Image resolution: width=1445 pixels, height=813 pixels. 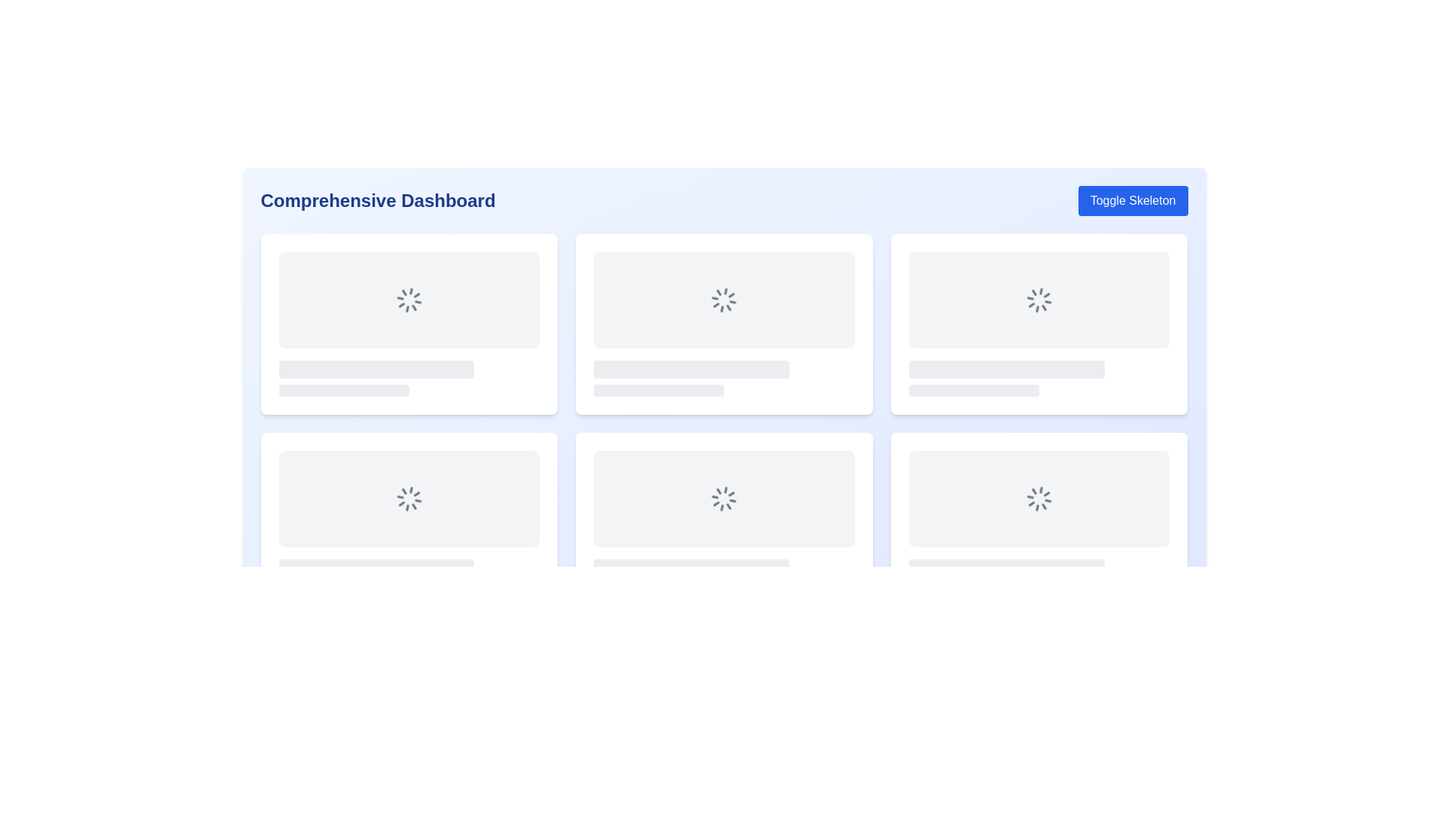 What do you see at coordinates (1039, 499) in the screenshot?
I see `the loading spinner, which is a gray circular icon with spokes, located in the bottom-right card of the grid, to understand the loading status` at bounding box center [1039, 499].